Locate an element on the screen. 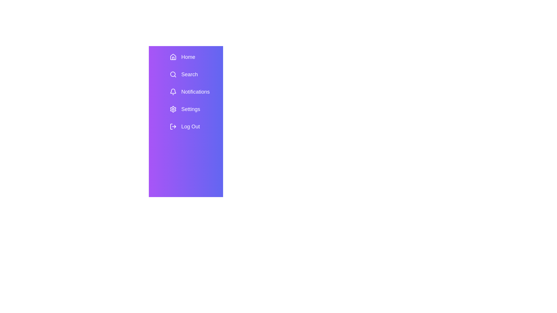 This screenshot has width=557, height=313. the menu item Notifications to view its hover effect is located at coordinates (194, 91).